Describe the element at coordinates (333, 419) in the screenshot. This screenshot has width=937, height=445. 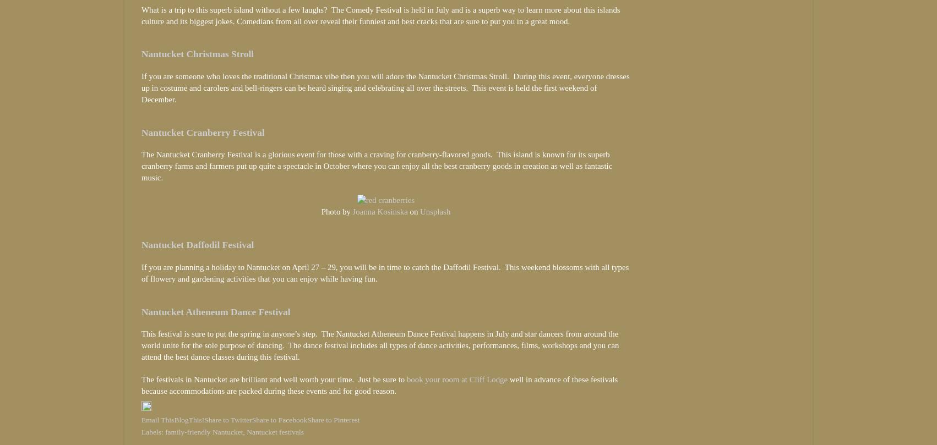
I see `'Share to Pinterest'` at that location.